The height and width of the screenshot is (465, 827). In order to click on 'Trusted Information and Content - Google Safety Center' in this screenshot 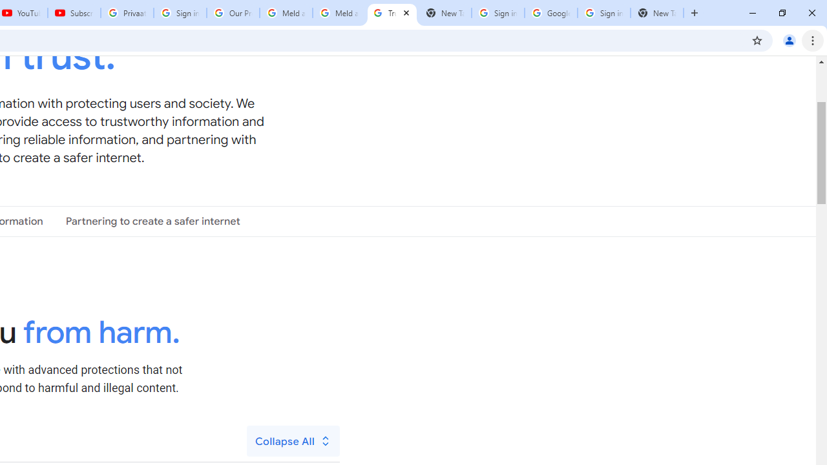, I will do `click(391, 13)`.